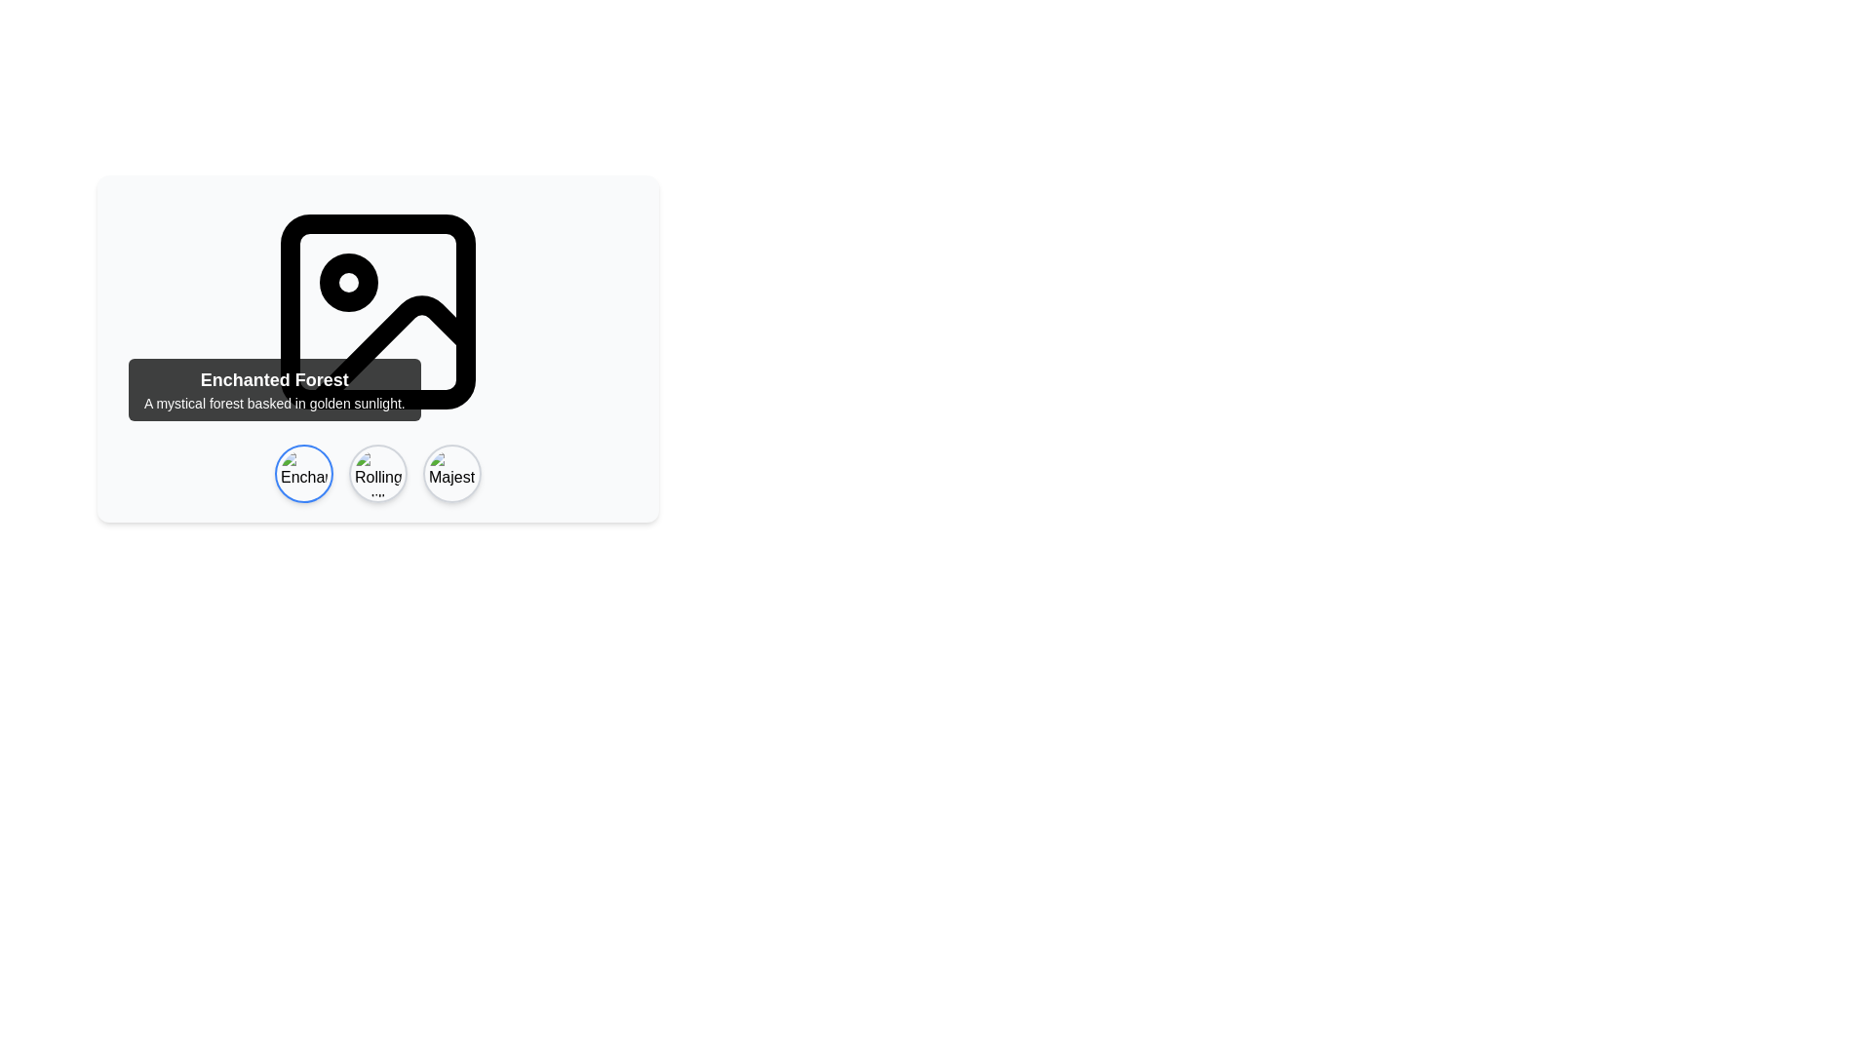 The width and height of the screenshot is (1872, 1053). Describe the element at coordinates (378, 348) in the screenshot. I see `the Media icon depicting an abstract image with the title 'Enchanted Forest' and subtitle 'A mystical forest basked in golden sunlight' to interact with it` at that location.